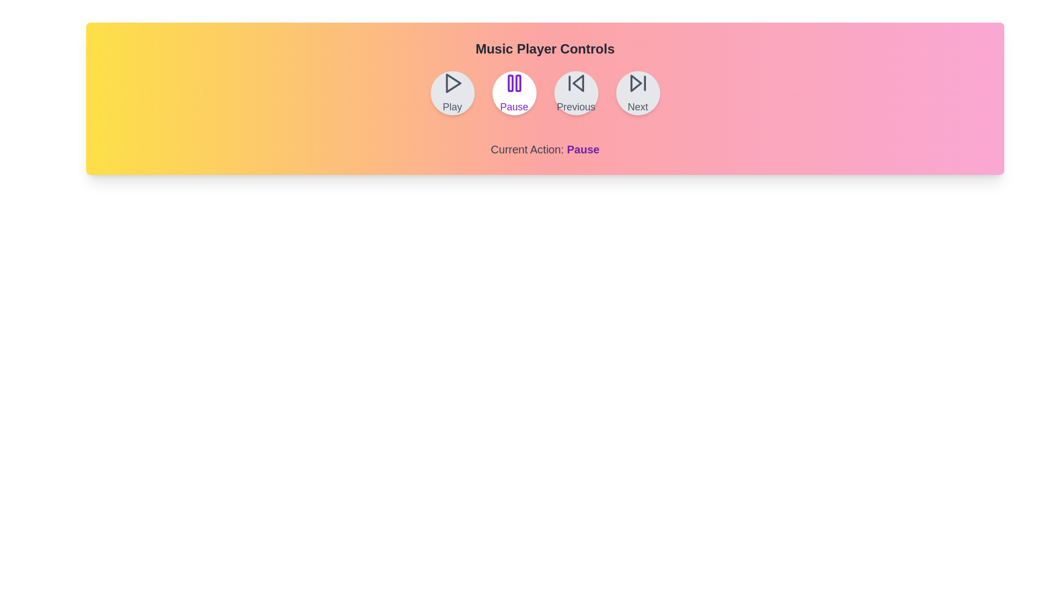  Describe the element at coordinates (452, 93) in the screenshot. I see `the Play button to observe its hover effect` at that location.